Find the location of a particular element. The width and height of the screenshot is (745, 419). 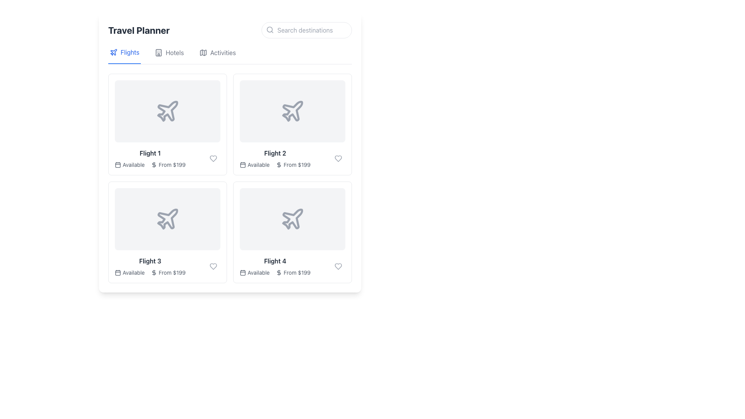

text label displaying 'Flight 3' which is styled in bold dark gray font, located in the lower-left section of a grid layout under the category 'Flights', positioned below an airplane icon image is located at coordinates (150, 261).